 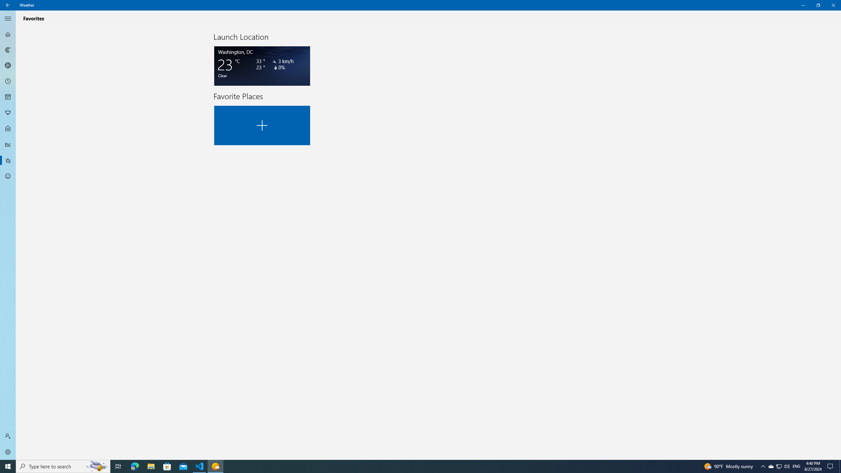 I want to click on 'Type here to search', so click(x=63, y=466).